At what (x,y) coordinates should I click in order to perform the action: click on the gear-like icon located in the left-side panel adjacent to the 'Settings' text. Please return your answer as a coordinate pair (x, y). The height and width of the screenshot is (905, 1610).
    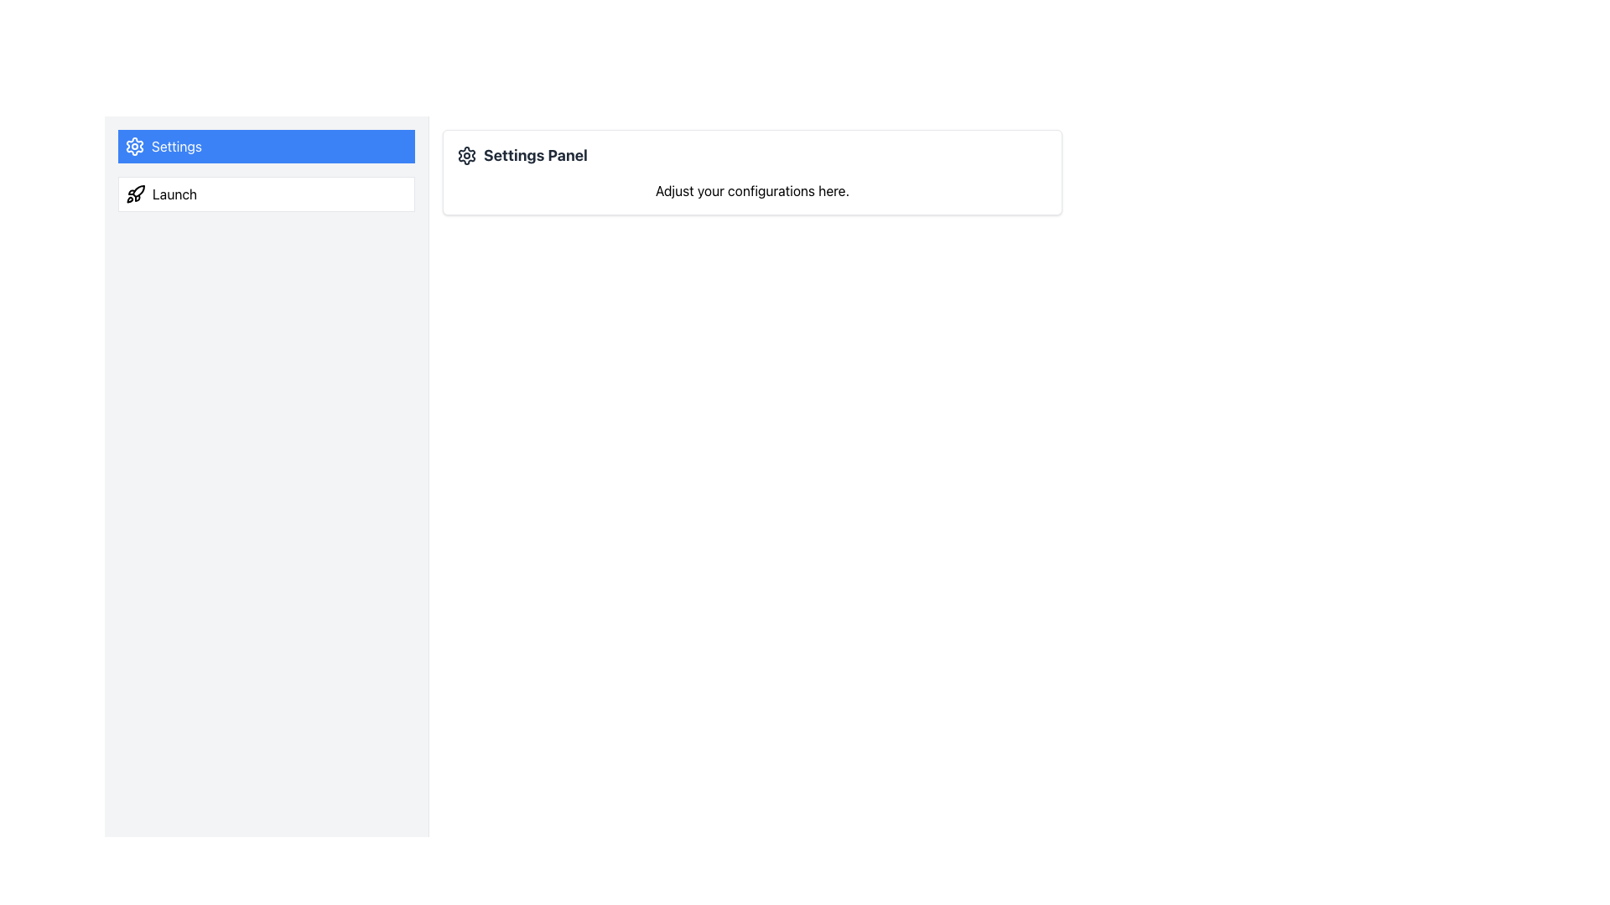
    Looking at the image, I should click on (466, 155).